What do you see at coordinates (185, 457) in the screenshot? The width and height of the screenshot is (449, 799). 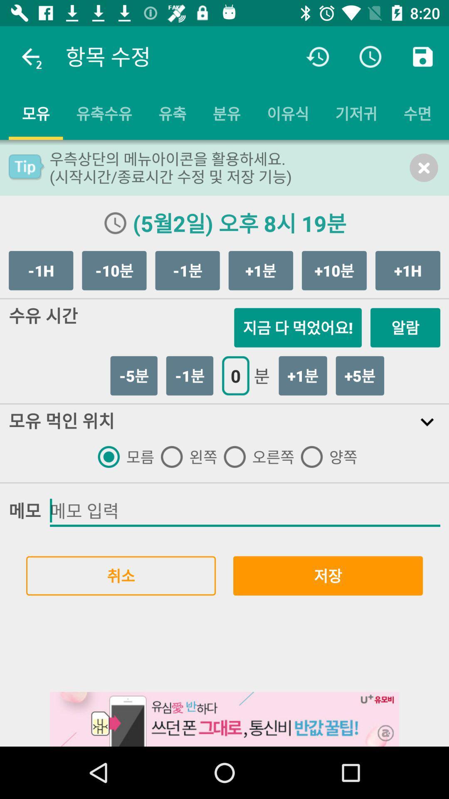 I see `second radio button` at bounding box center [185, 457].